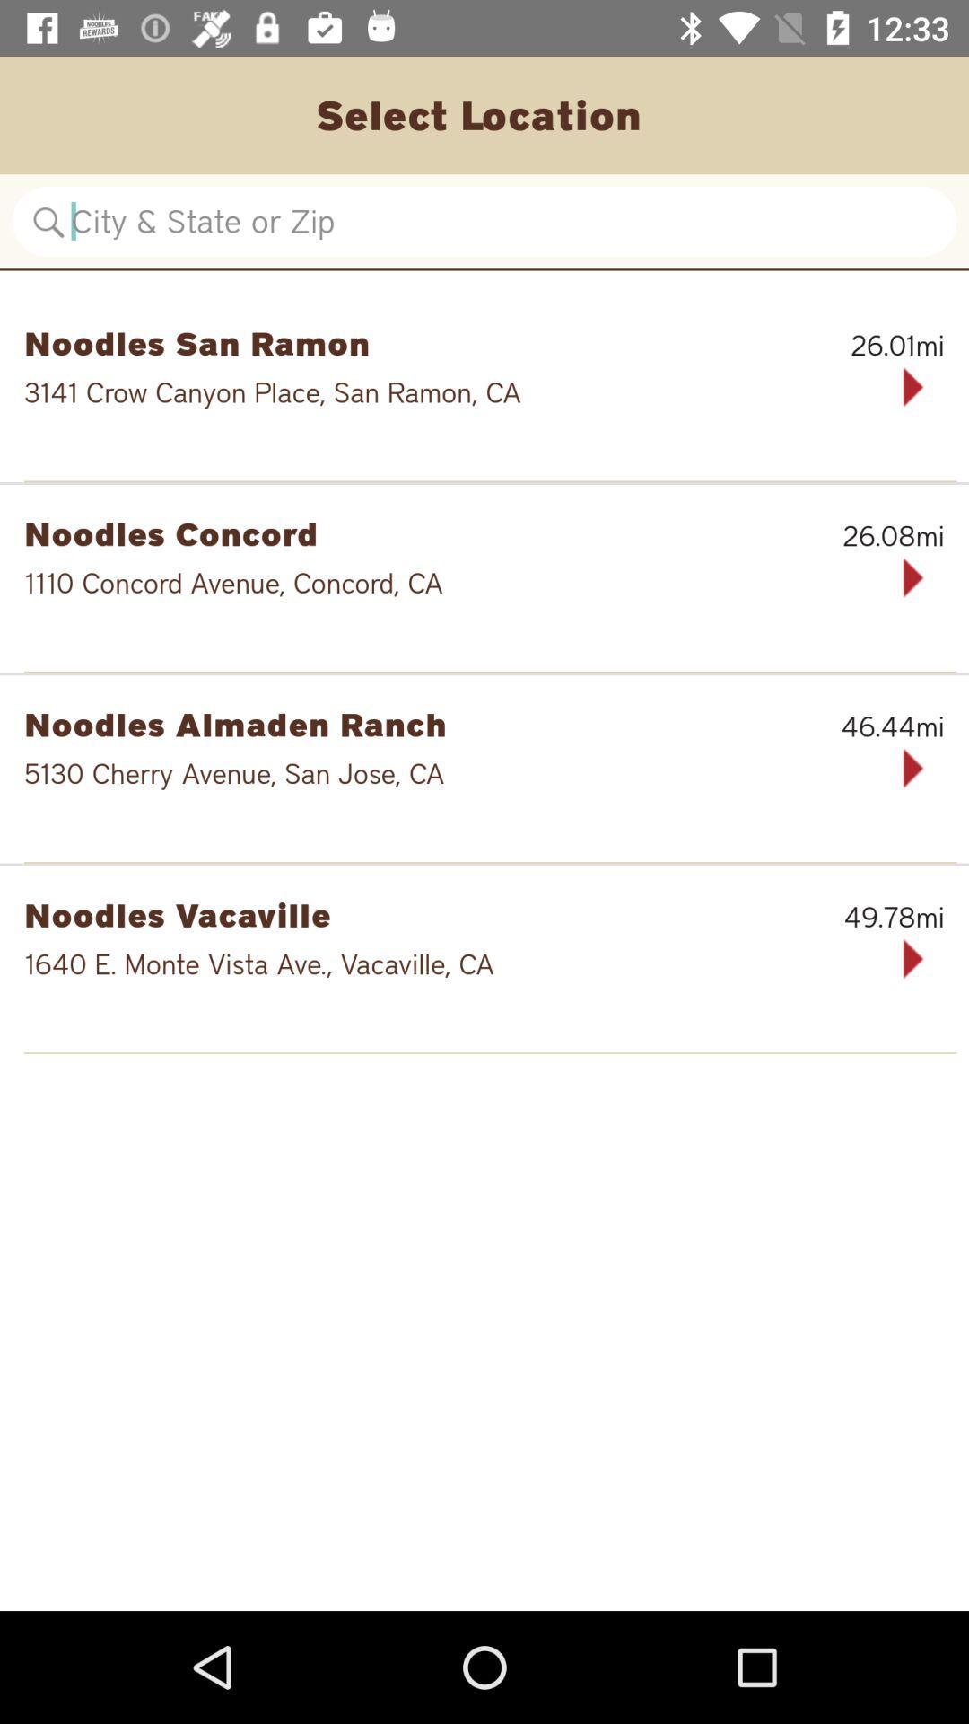 Image resolution: width=969 pixels, height=1724 pixels. Describe the element at coordinates (427, 773) in the screenshot. I see `5130 cherry avenue item` at that location.